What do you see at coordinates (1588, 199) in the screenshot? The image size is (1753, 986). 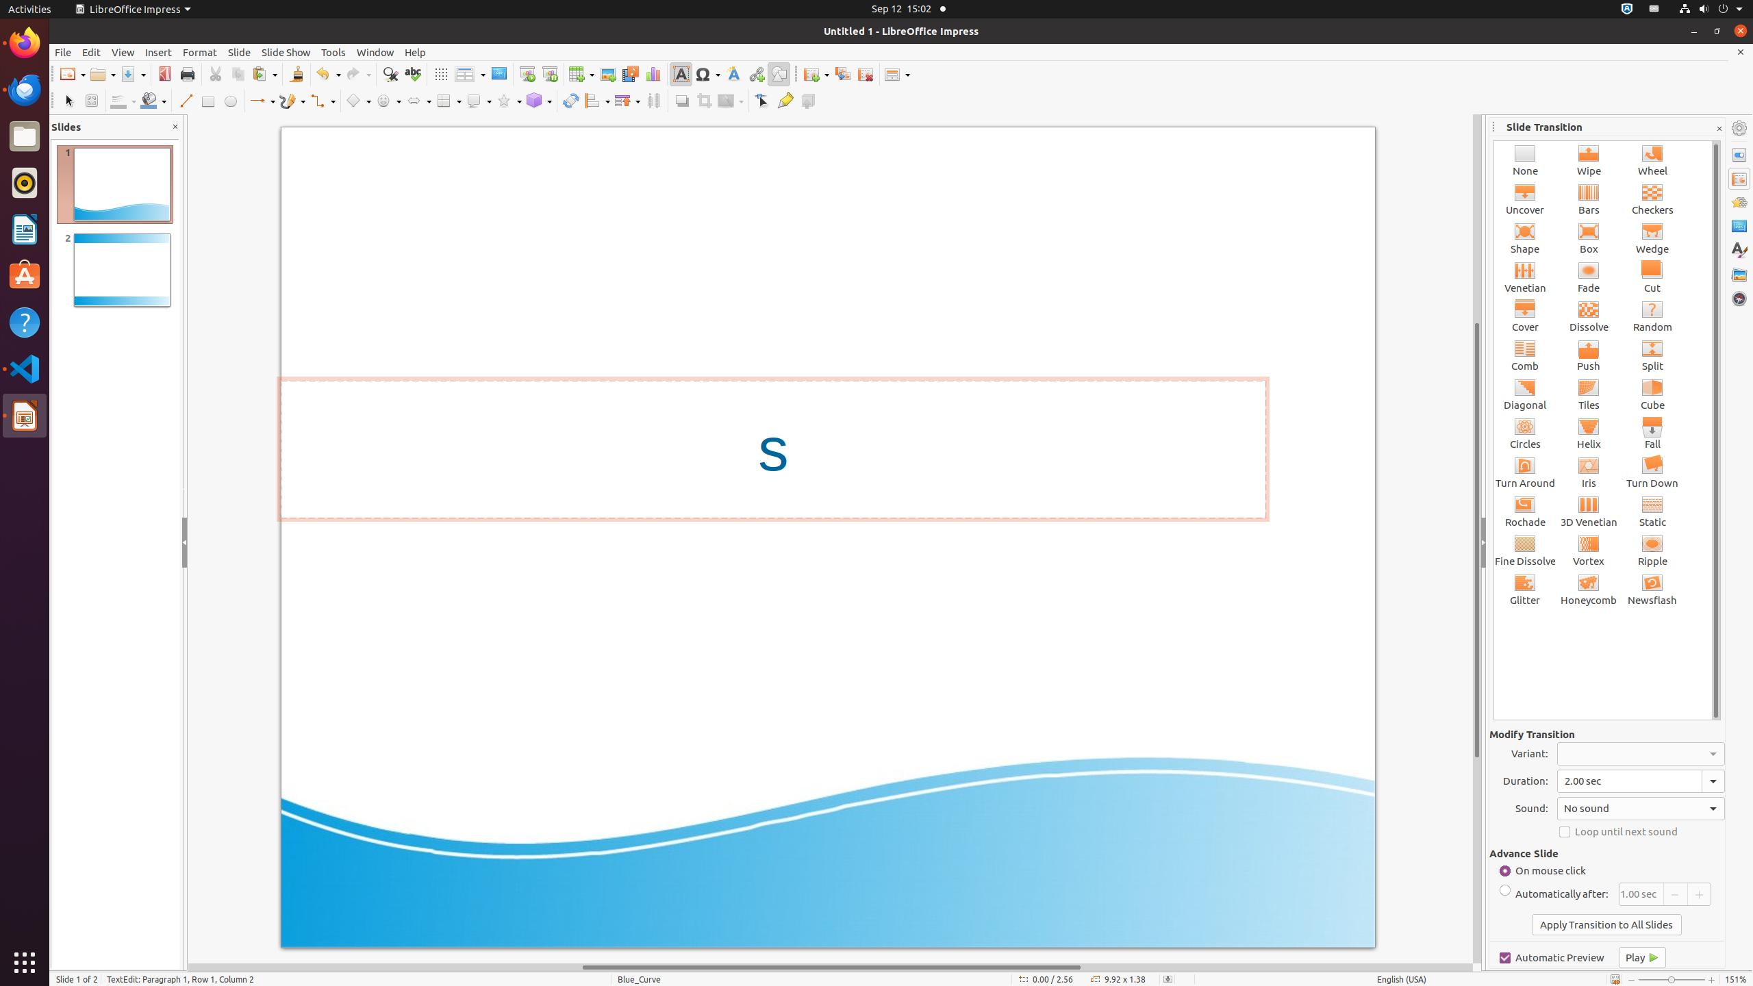 I see `'Bars'` at bounding box center [1588, 199].